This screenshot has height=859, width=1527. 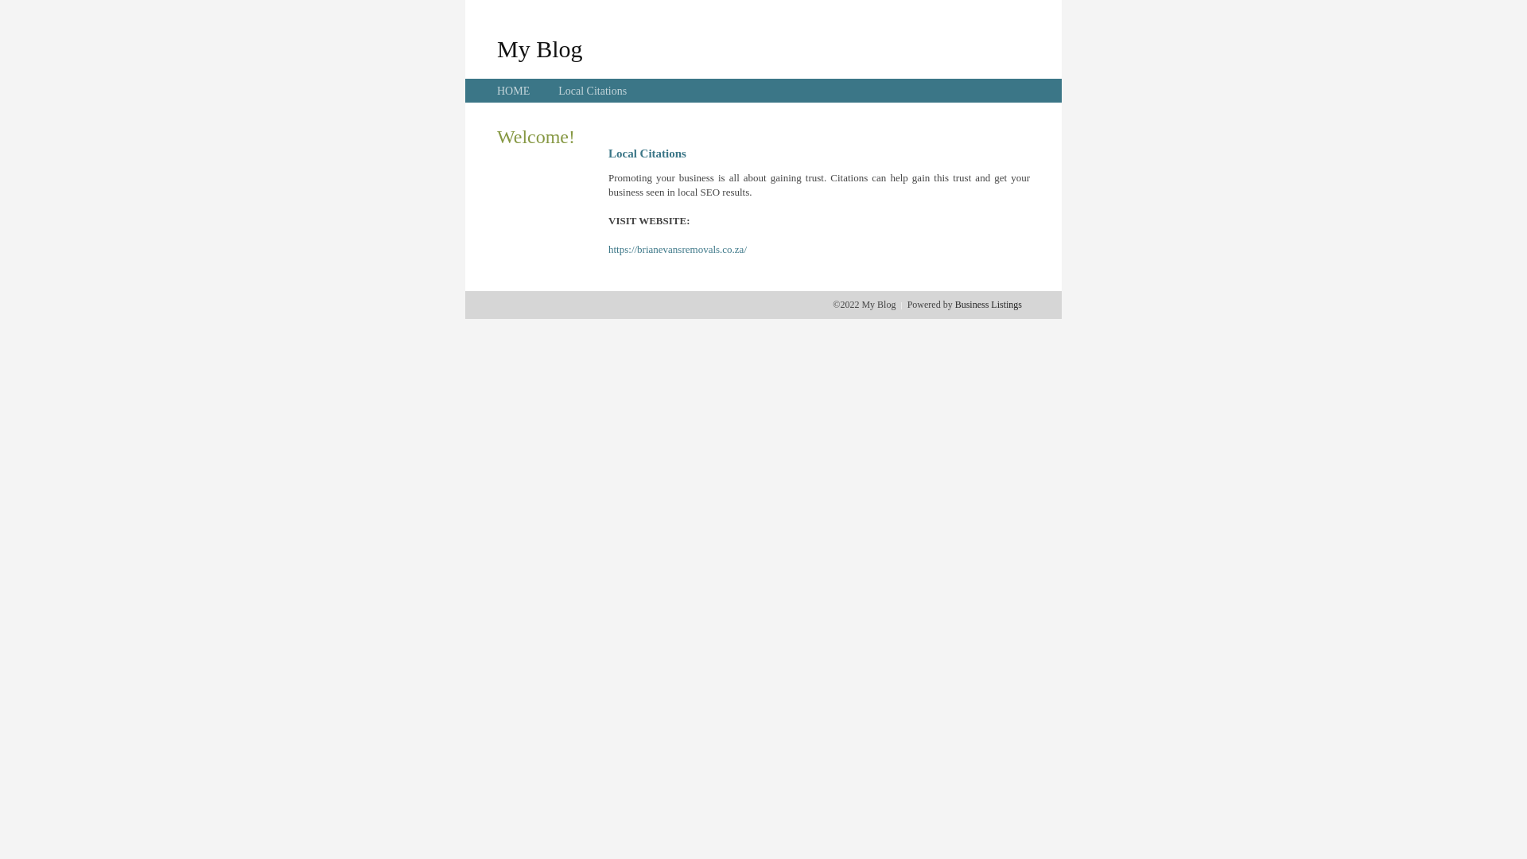 What do you see at coordinates (539, 48) in the screenshot?
I see `'My Blog'` at bounding box center [539, 48].